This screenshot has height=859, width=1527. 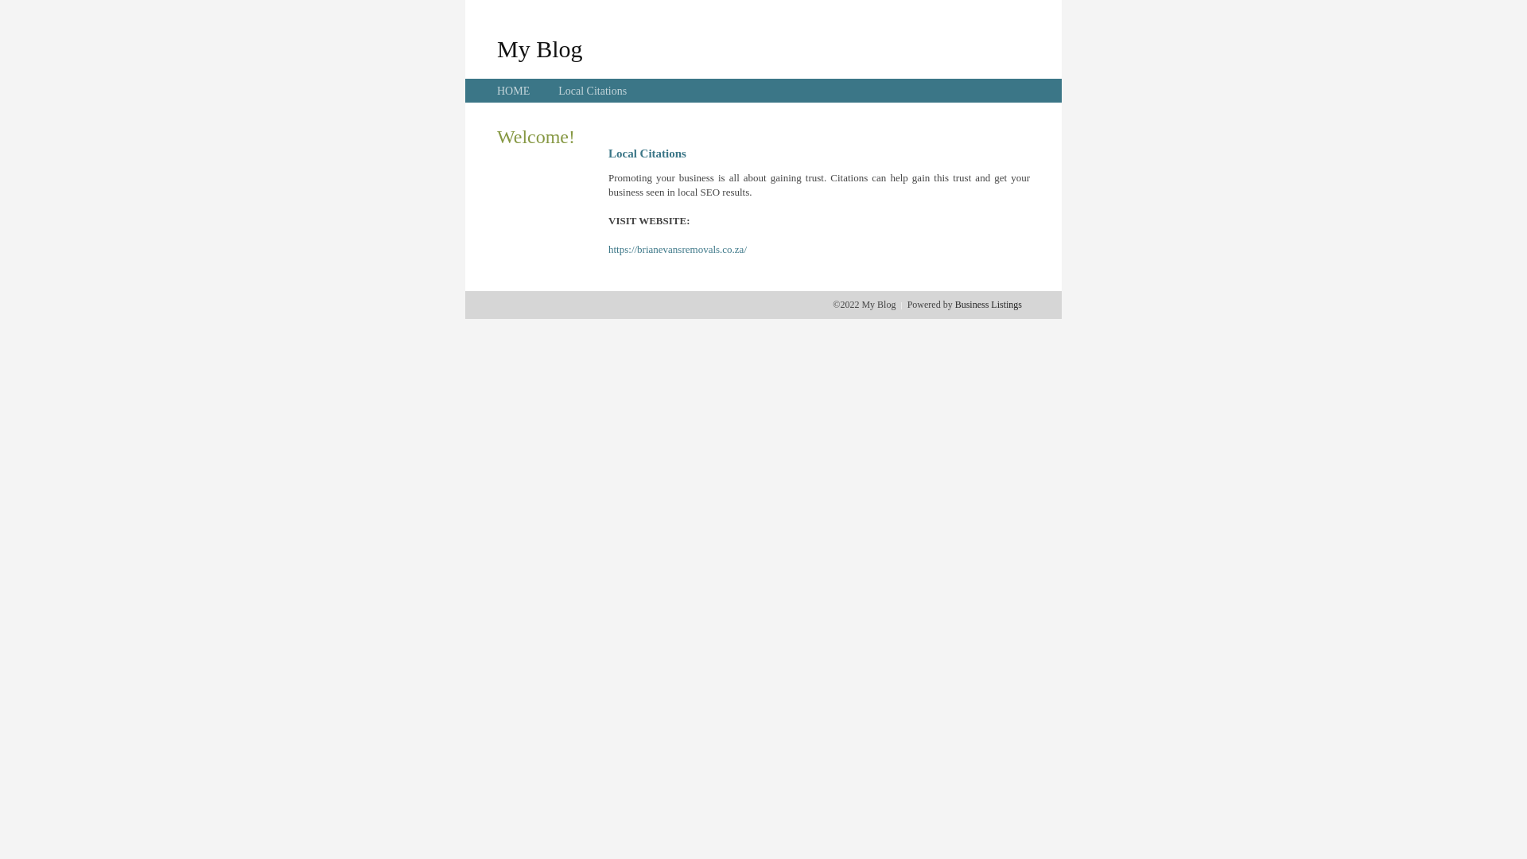 What do you see at coordinates (539, 48) in the screenshot?
I see `'My Blog'` at bounding box center [539, 48].